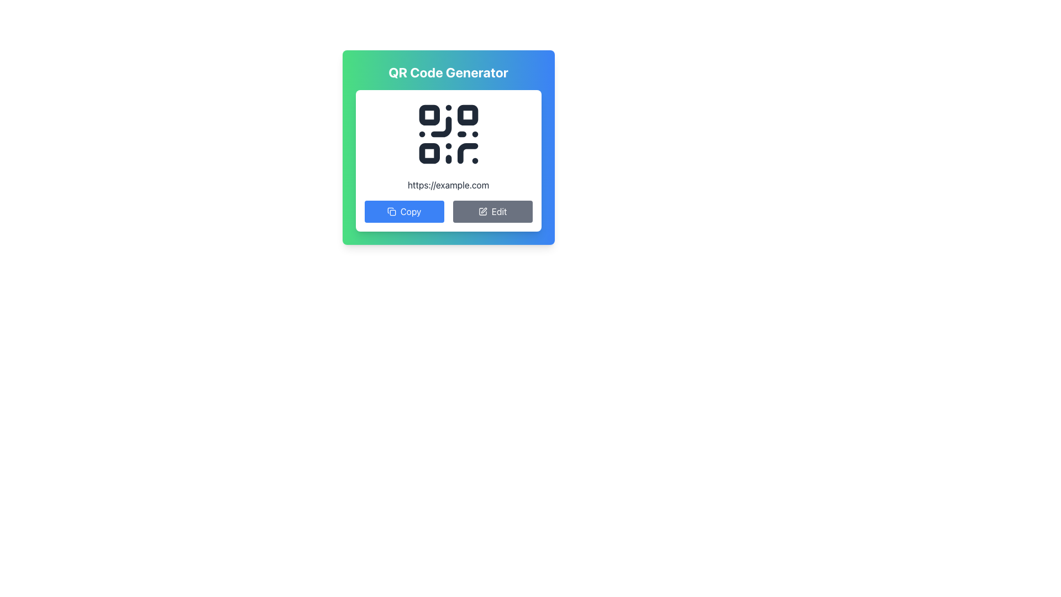  I want to click on the inner rectangle of the 'Copy' icon graphic located near the 'Copy' button on the QR Code Generator interface, so click(392, 213).